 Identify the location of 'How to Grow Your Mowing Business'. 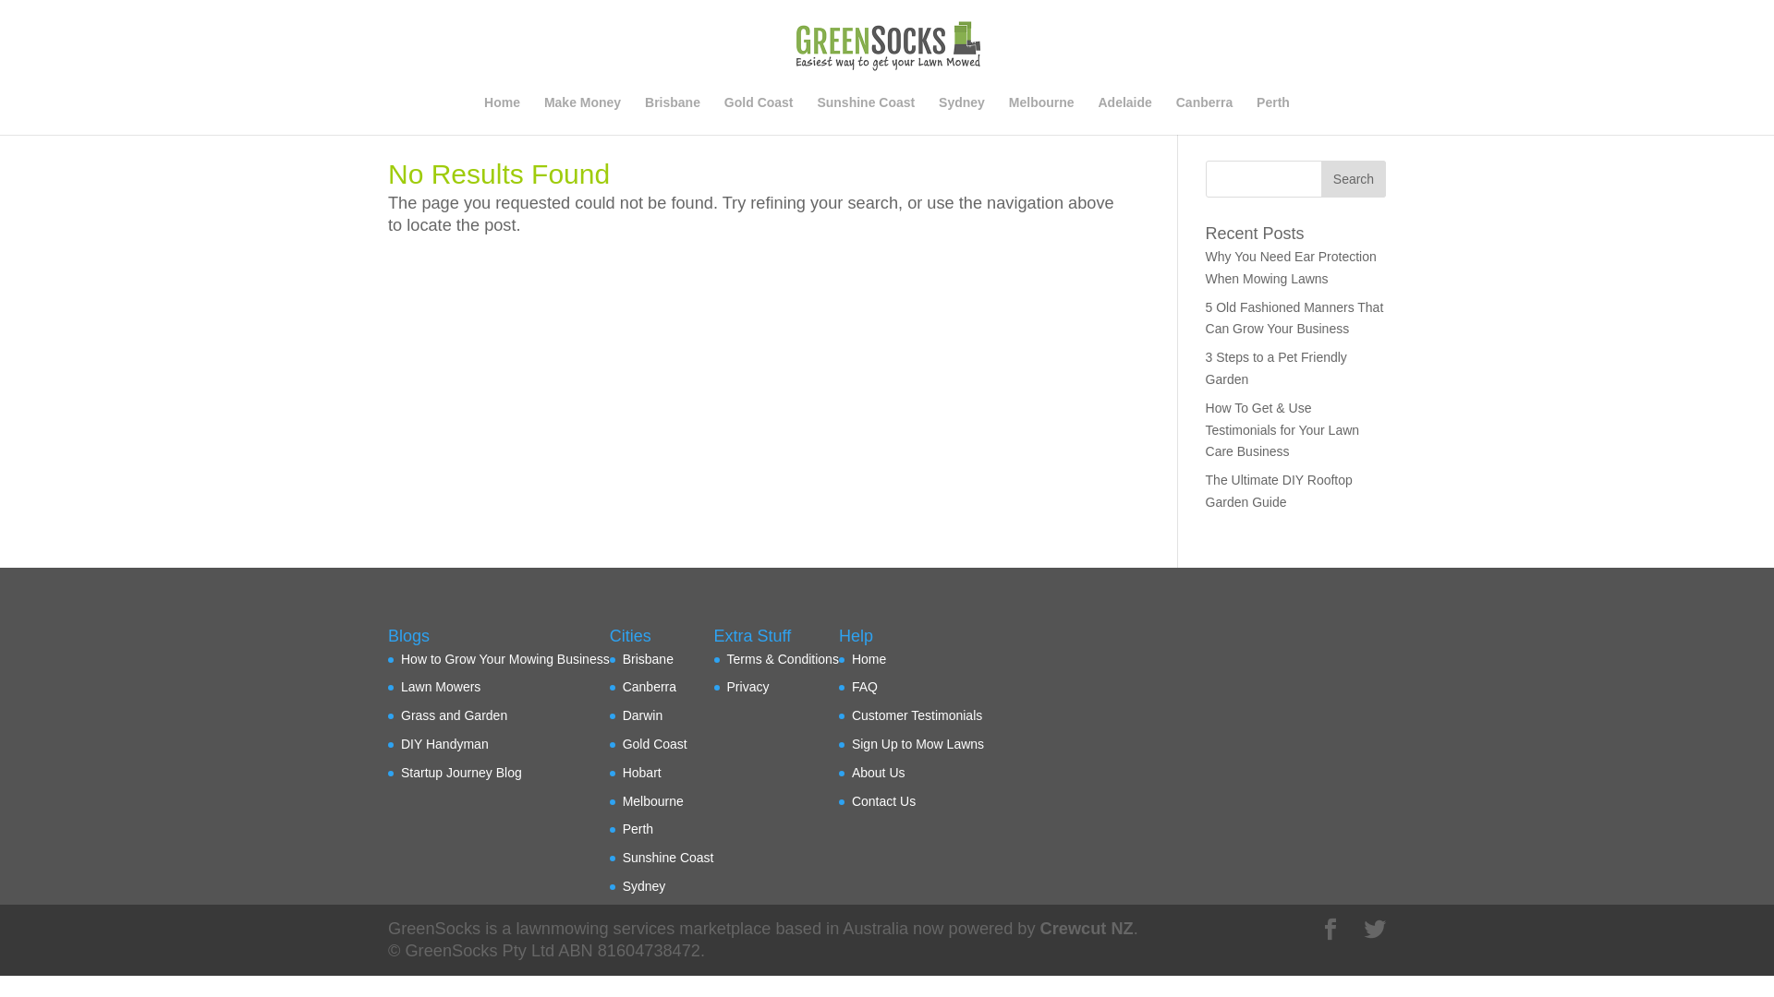
(505, 657).